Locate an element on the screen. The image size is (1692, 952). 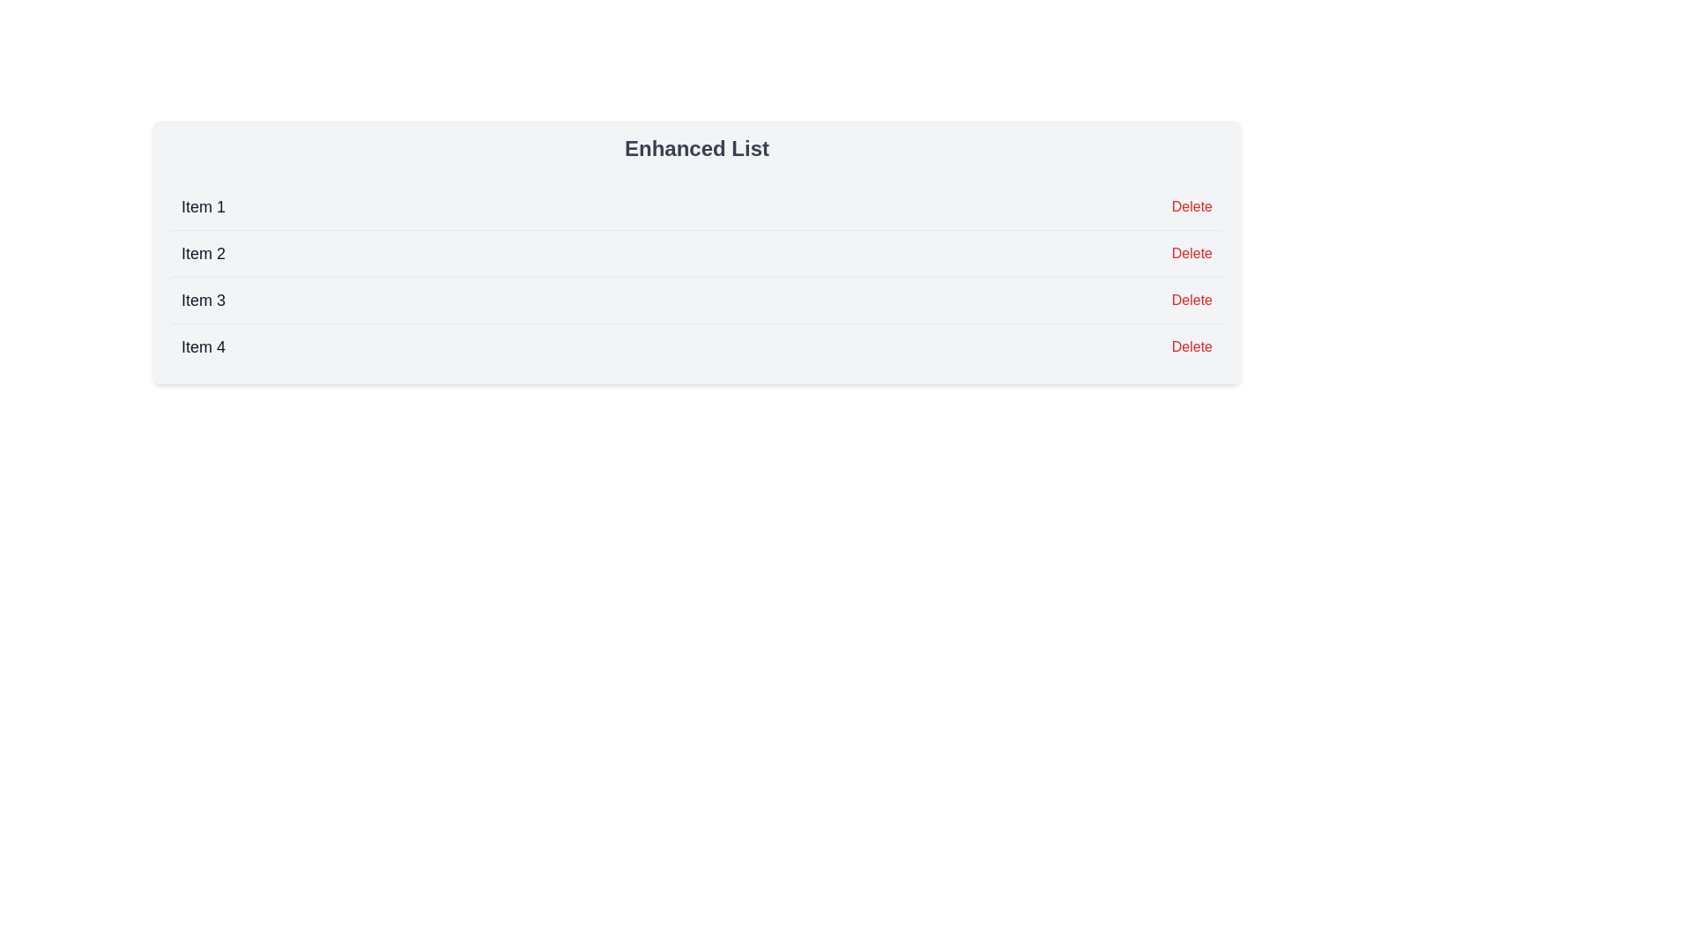
the 'Delete' button associated with 'Item 4' is located at coordinates (1191, 346).